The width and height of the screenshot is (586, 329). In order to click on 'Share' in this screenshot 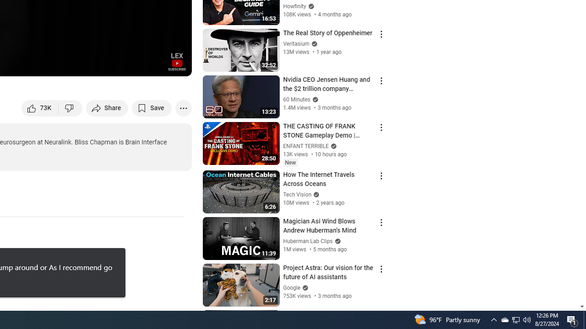, I will do `click(107, 107)`.